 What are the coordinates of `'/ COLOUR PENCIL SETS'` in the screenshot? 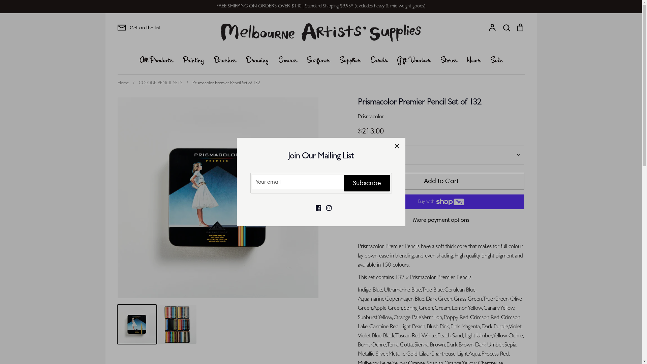 It's located at (155, 83).